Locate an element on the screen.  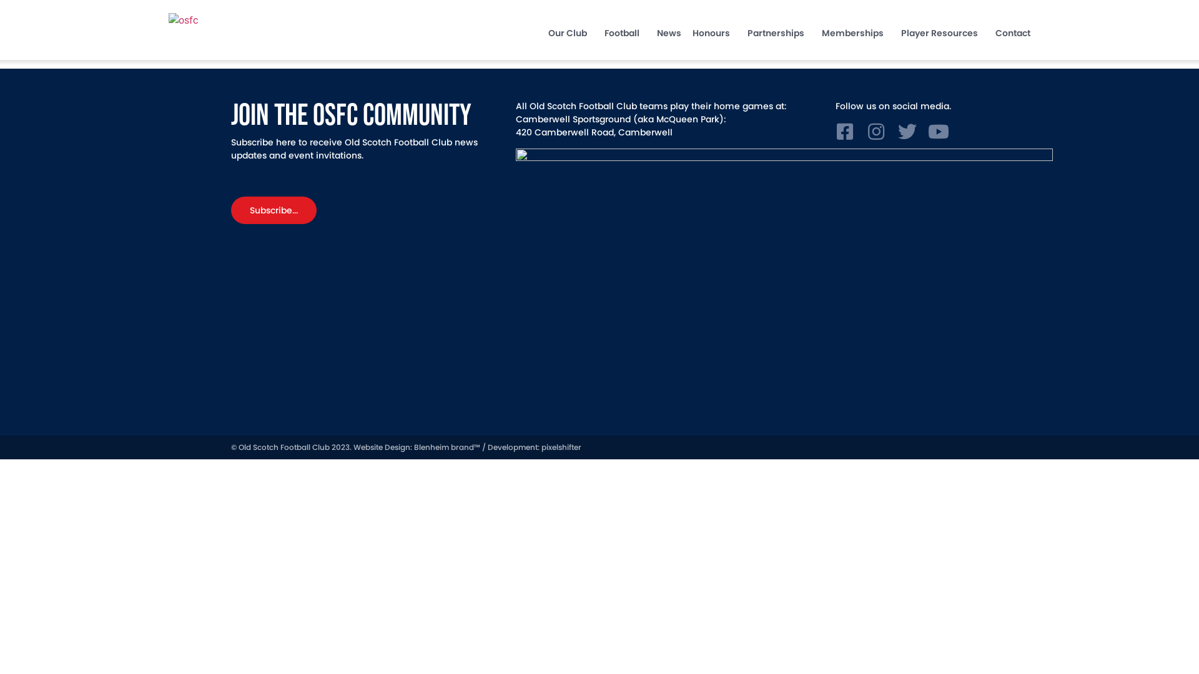
'pixelshifter' is located at coordinates (560, 446).